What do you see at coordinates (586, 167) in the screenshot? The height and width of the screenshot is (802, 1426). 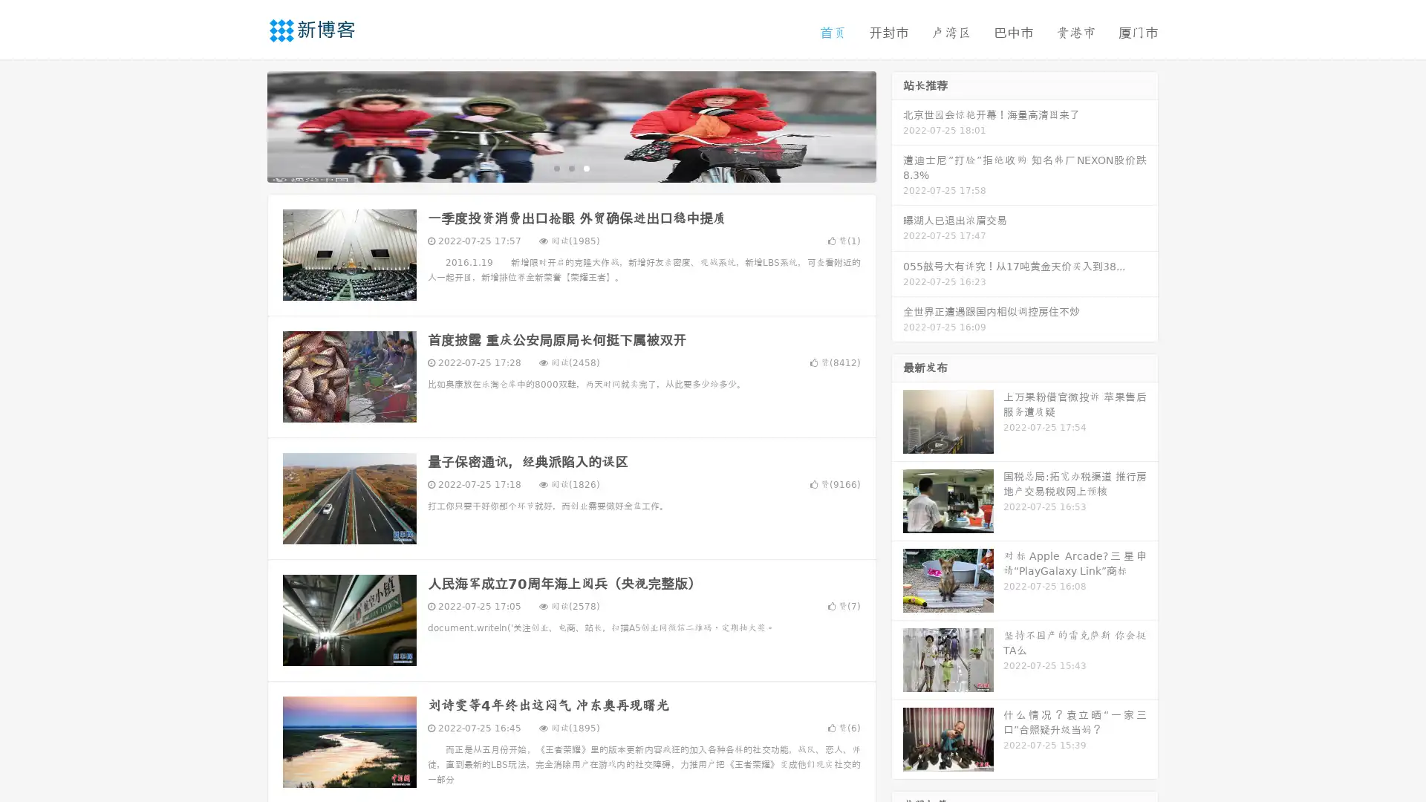 I see `Go to slide 3` at bounding box center [586, 167].